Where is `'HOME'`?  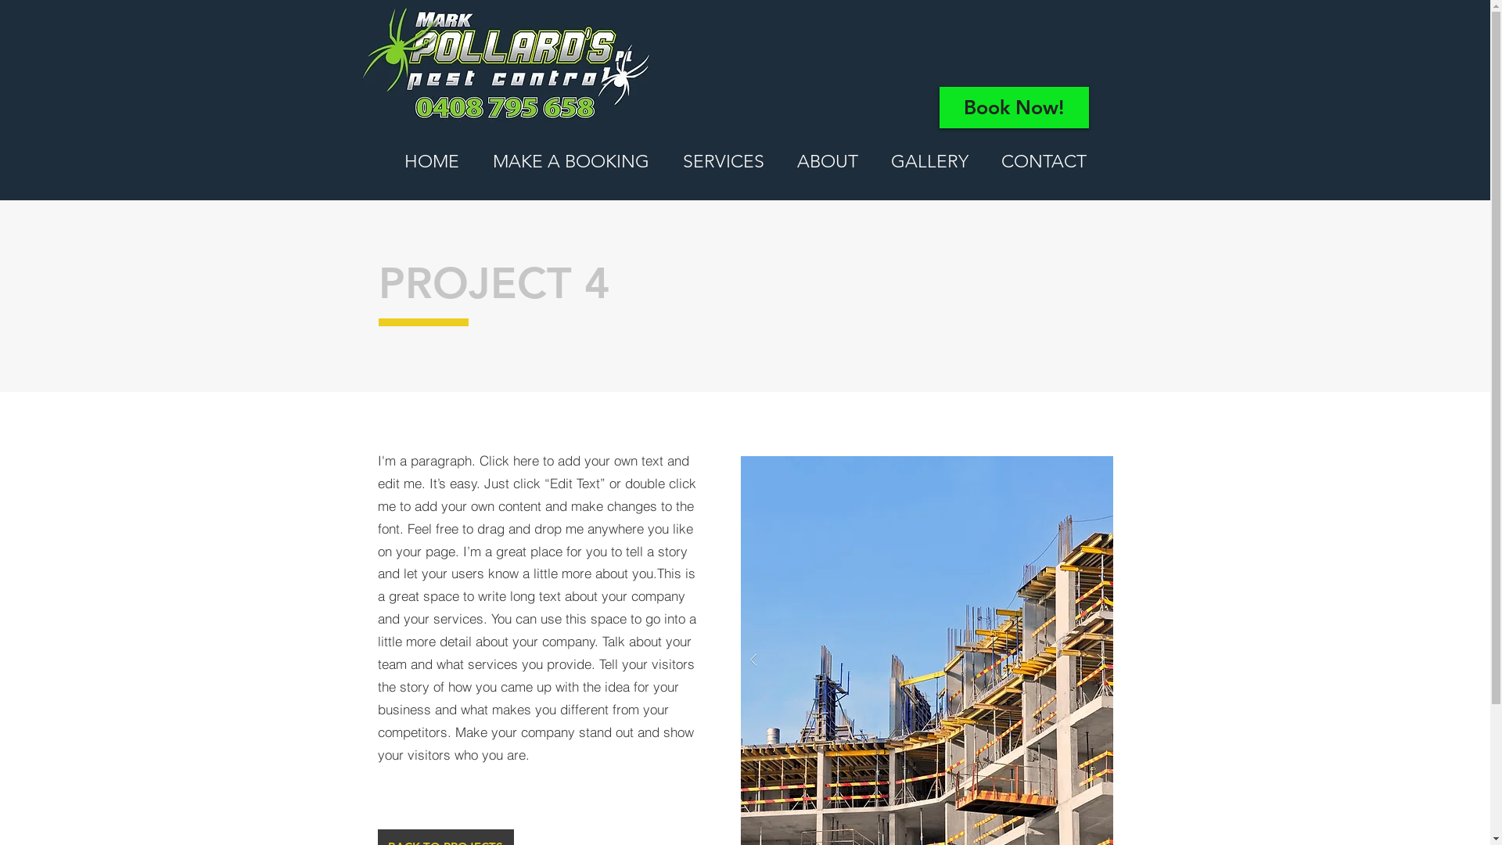
'HOME' is located at coordinates (431, 162).